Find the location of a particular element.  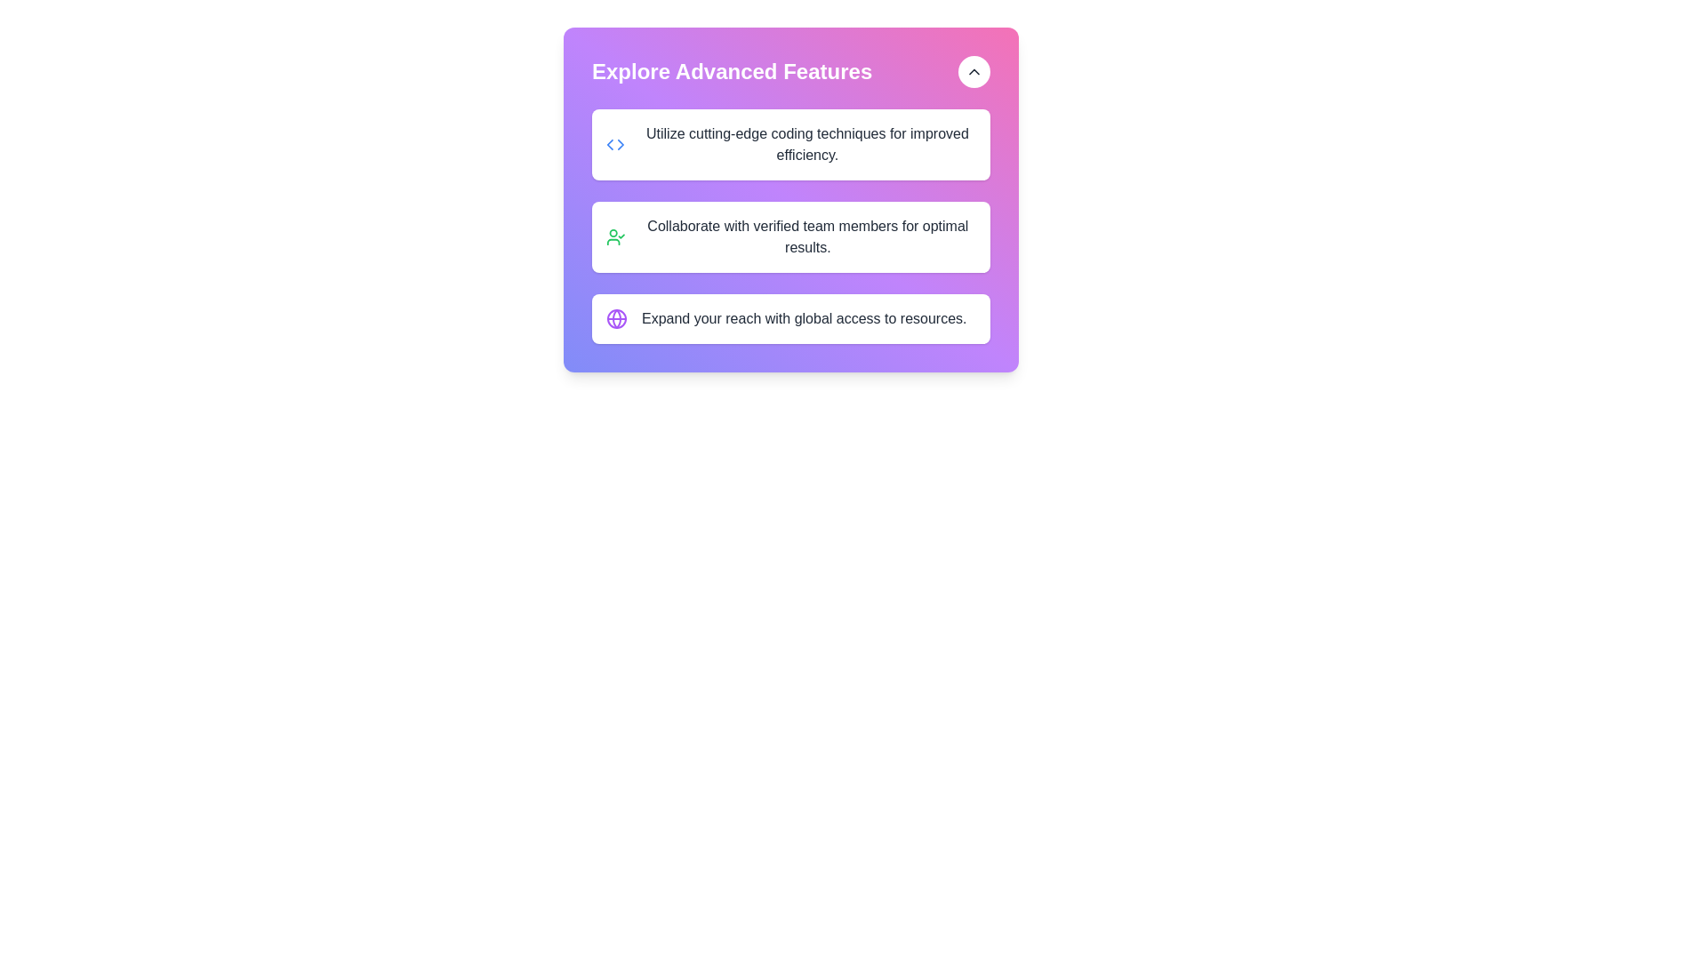

the globe icon, which is a vector graphic styled with a circular outline and intersecting lines, located to the left of the text 'Expand your reach with global access to resources' in the 'Explore Advanced Features' card is located at coordinates (617, 317).